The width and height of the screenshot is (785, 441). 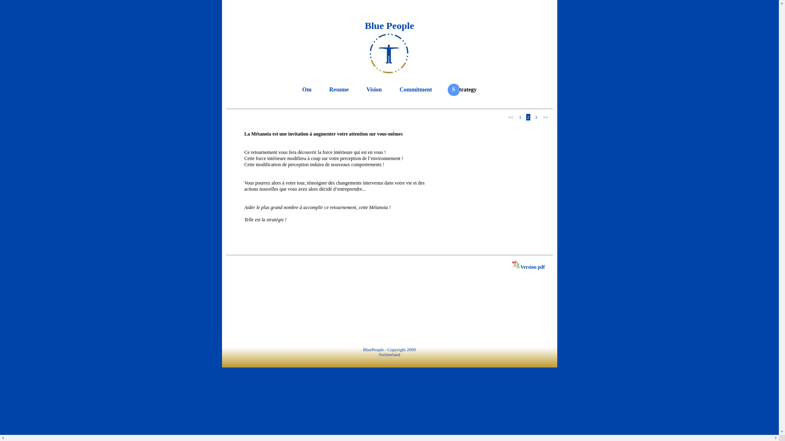 I want to click on '<<', so click(x=510, y=117).